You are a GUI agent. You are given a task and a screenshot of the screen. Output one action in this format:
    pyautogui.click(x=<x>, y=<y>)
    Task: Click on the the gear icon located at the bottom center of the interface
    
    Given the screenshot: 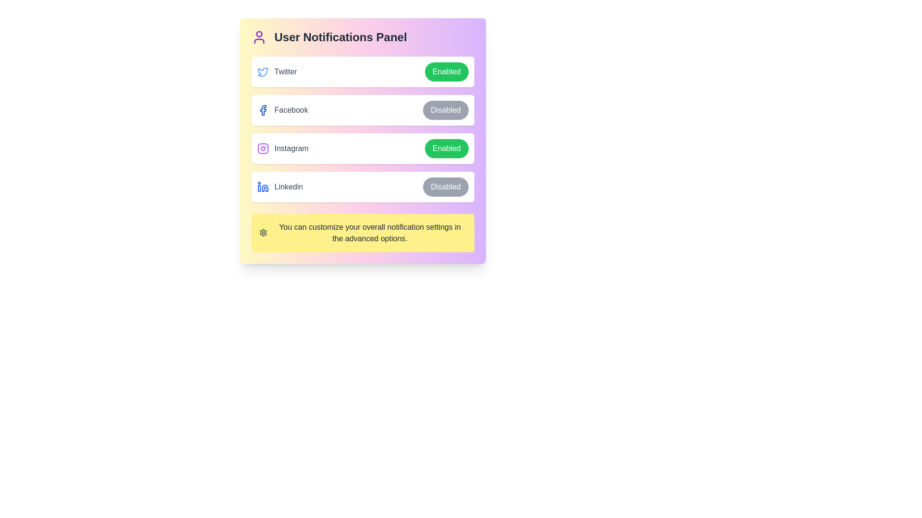 What is the action you would take?
    pyautogui.click(x=263, y=233)
    